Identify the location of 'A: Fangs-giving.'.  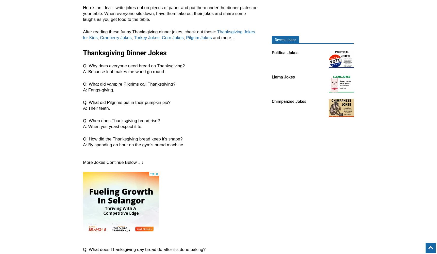
(98, 90).